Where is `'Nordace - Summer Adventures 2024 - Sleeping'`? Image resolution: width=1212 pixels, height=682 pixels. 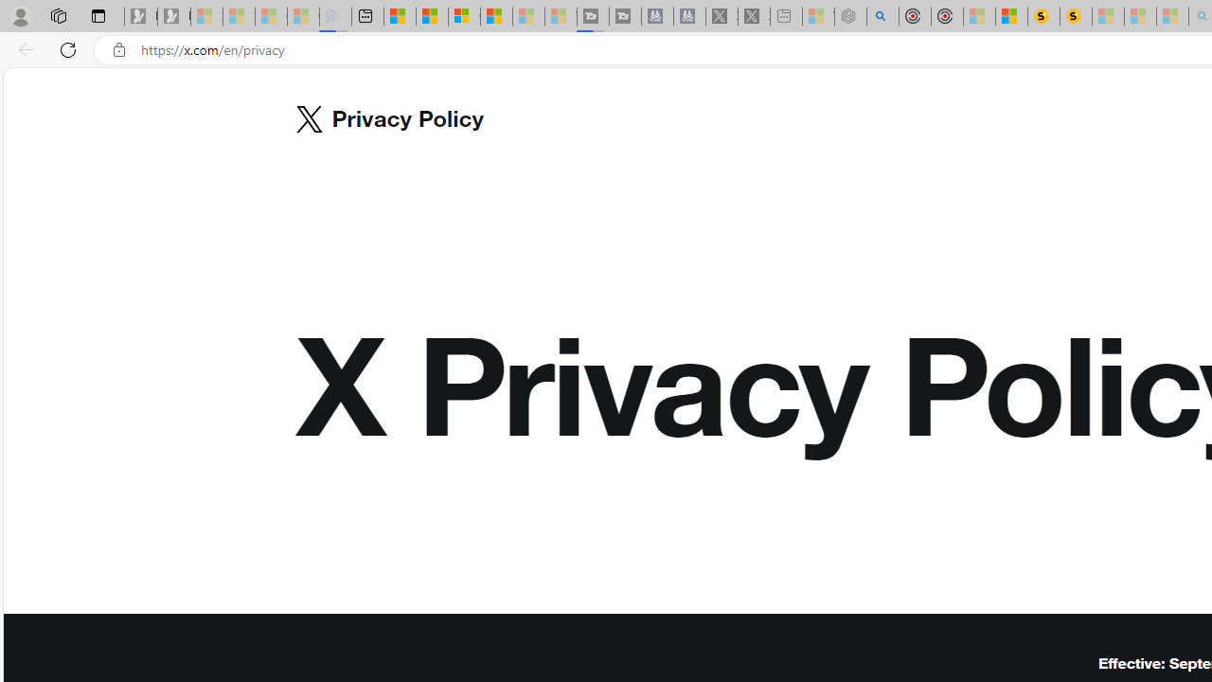 'Nordace - Summer Adventures 2024 - Sleeping' is located at coordinates (849, 16).